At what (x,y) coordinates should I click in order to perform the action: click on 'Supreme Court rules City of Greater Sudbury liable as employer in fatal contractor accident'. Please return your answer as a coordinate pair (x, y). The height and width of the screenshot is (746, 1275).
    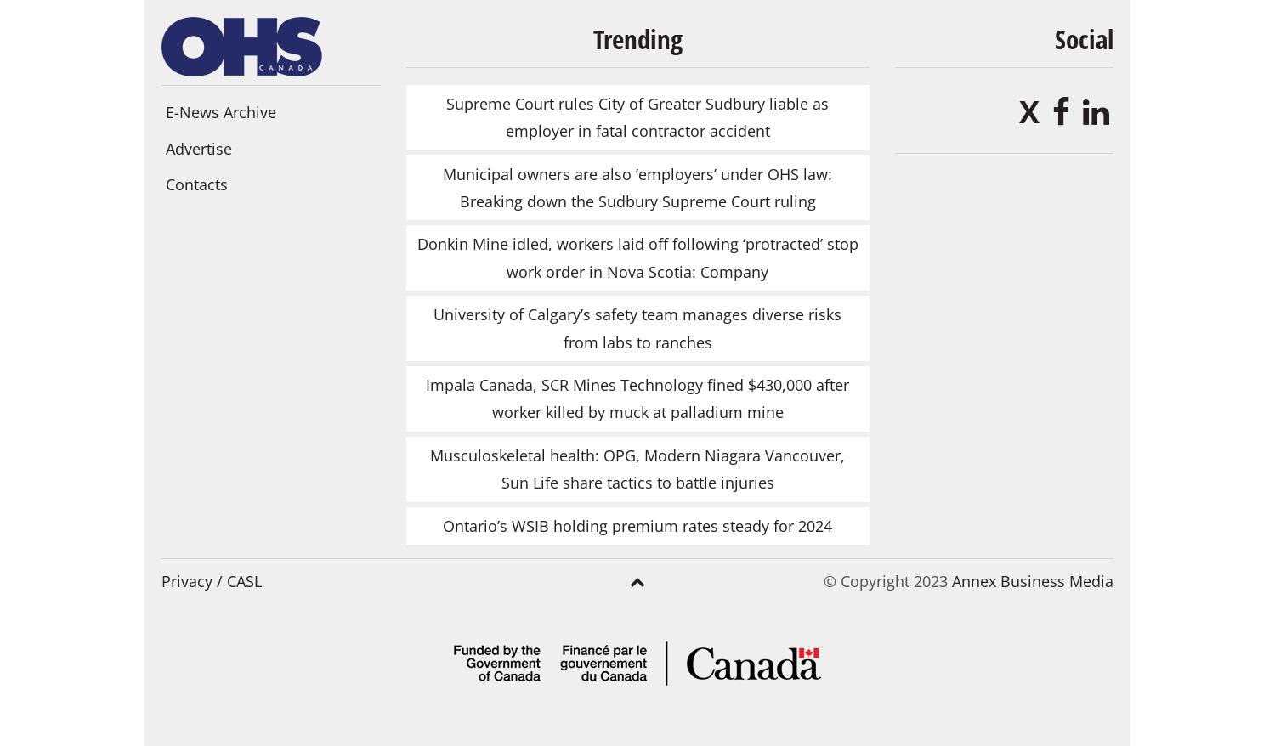
    Looking at the image, I should click on (446, 116).